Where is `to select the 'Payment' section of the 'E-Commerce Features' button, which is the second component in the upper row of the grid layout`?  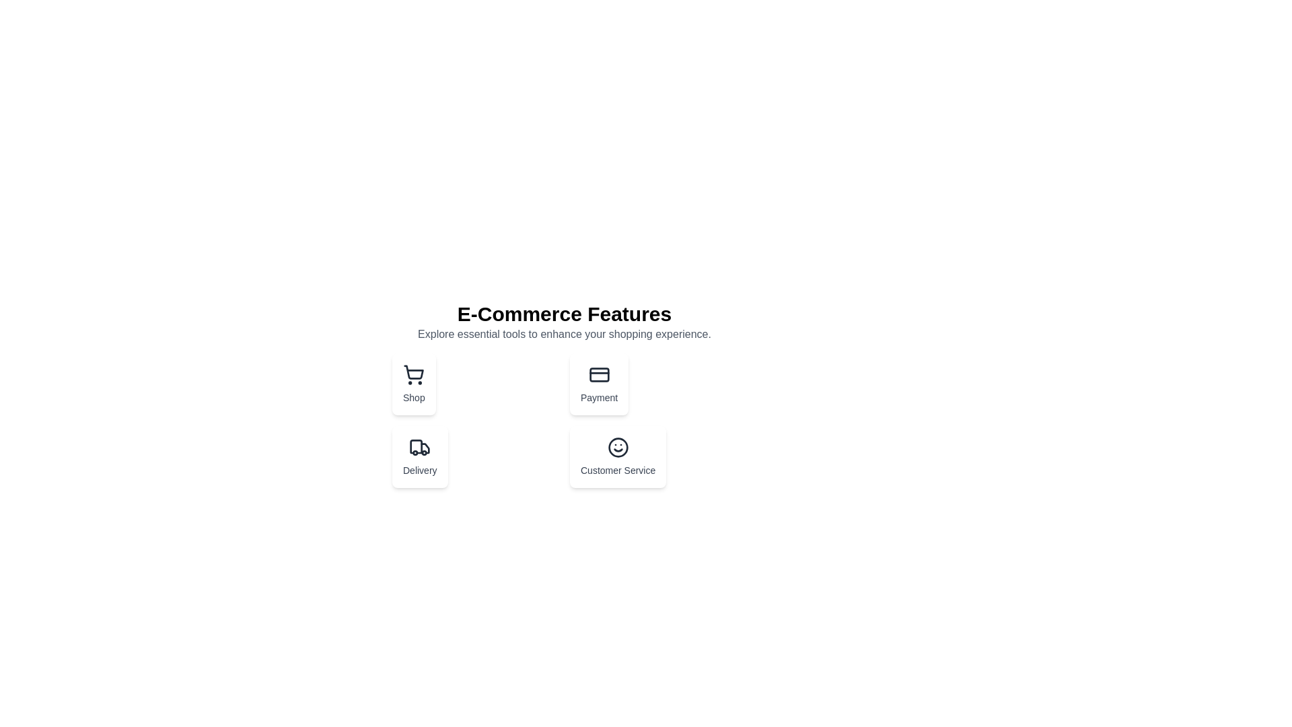
to select the 'Payment' section of the 'E-Commerce Features' button, which is the second component in the upper row of the grid layout is located at coordinates (565, 391).